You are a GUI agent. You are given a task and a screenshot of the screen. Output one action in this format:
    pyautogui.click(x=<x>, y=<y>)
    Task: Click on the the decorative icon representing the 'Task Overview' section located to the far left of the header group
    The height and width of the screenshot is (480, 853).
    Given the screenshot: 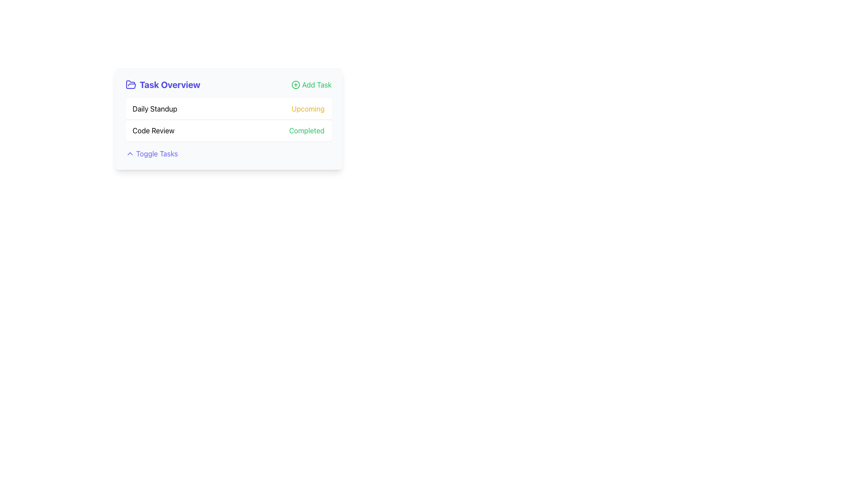 What is the action you would take?
    pyautogui.click(x=130, y=85)
    